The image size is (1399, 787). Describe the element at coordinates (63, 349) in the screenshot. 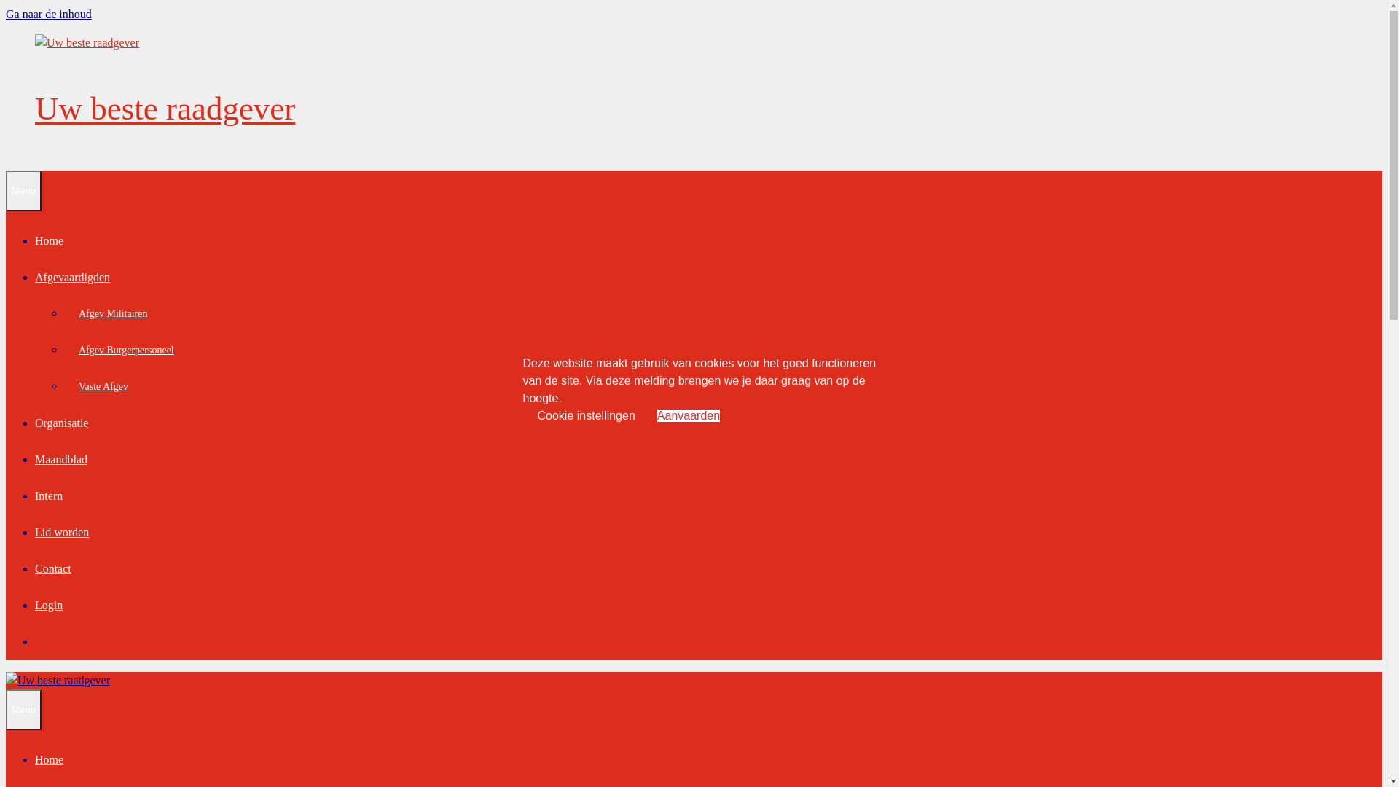

I see `'Afgev Burgerpersoneel'` at that location.